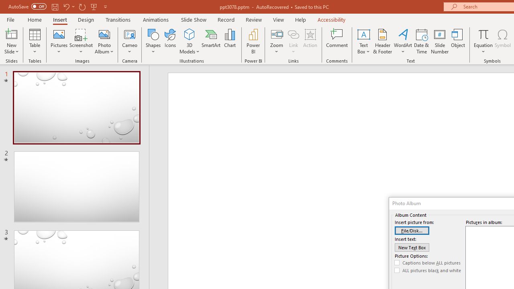 The width and height of the screenshot is (514, 289). I want to click on 'Comment', so click(337, 41).